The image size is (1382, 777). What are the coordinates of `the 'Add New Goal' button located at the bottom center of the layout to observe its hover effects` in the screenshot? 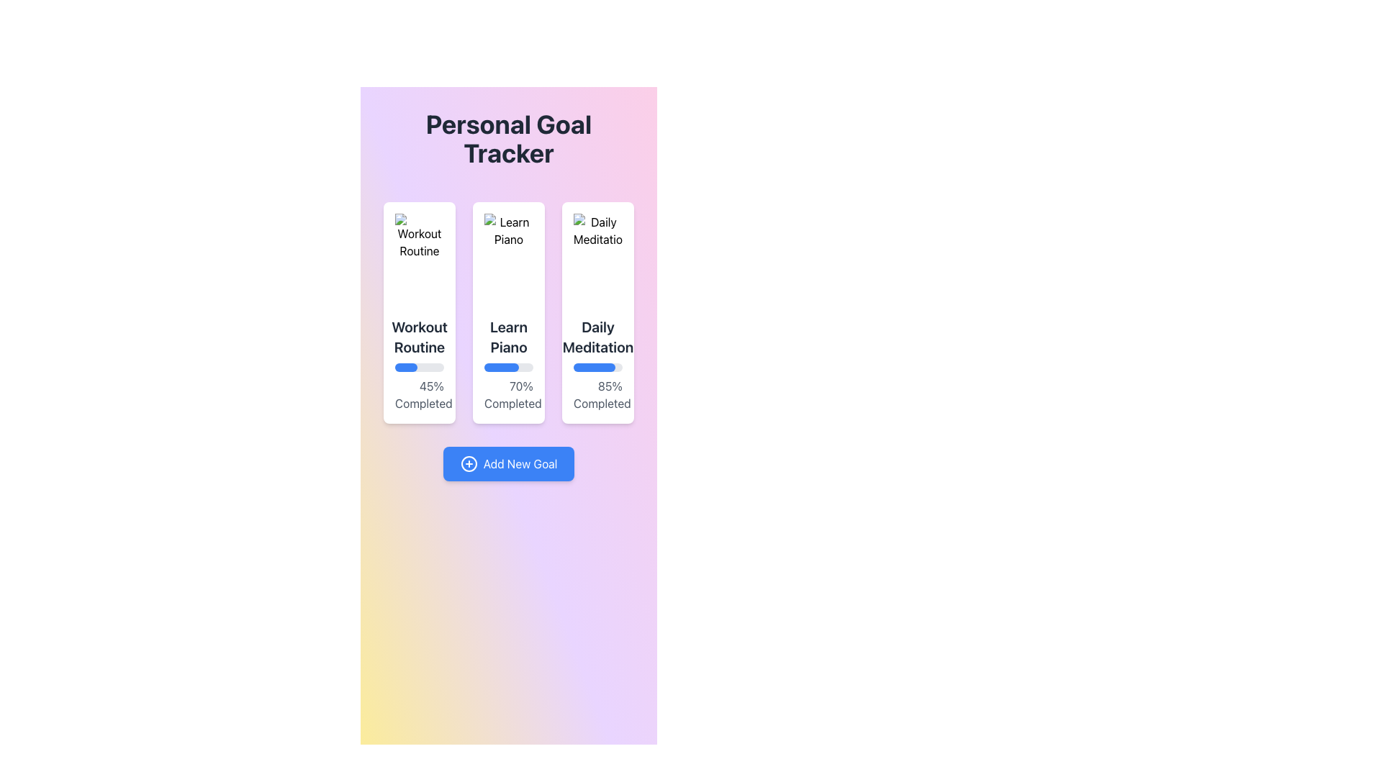 It's located at (508, 463).